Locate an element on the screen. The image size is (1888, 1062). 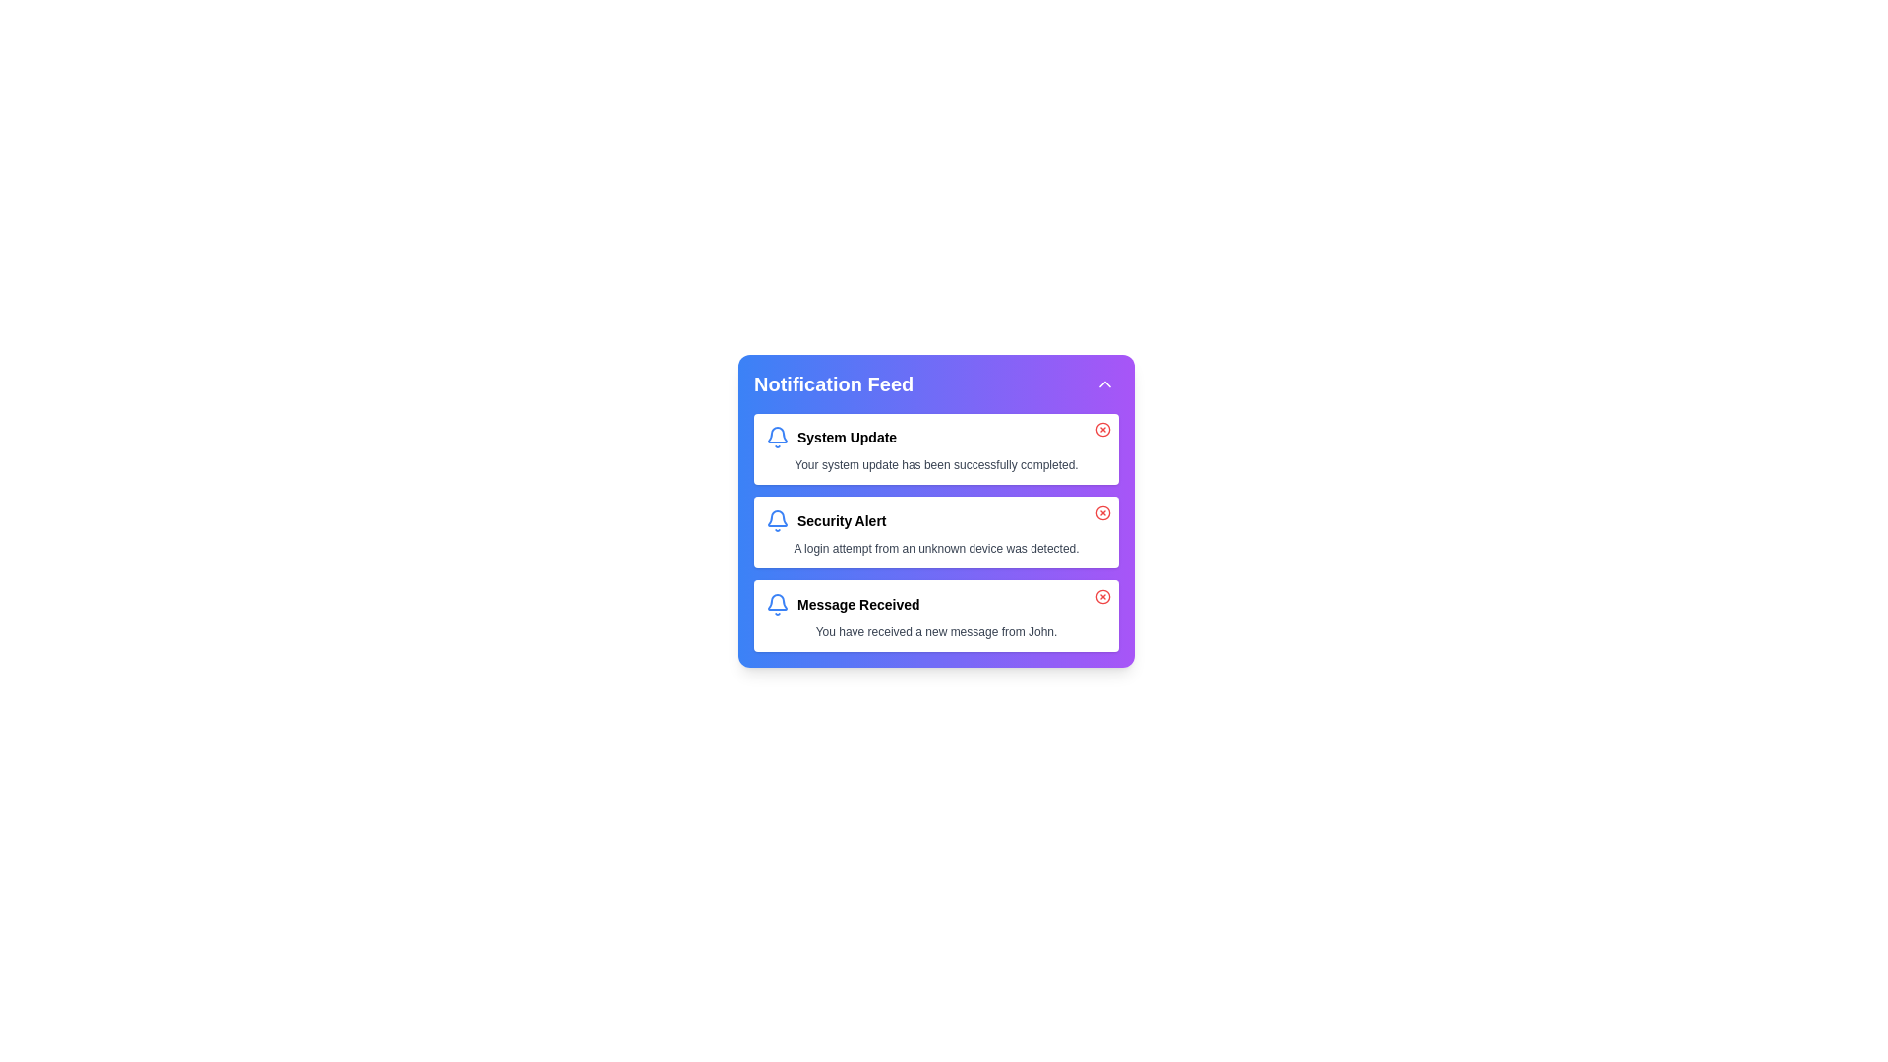
the text label in the first notification card under 'Notification Feed' is located at coordinates (847, 436).